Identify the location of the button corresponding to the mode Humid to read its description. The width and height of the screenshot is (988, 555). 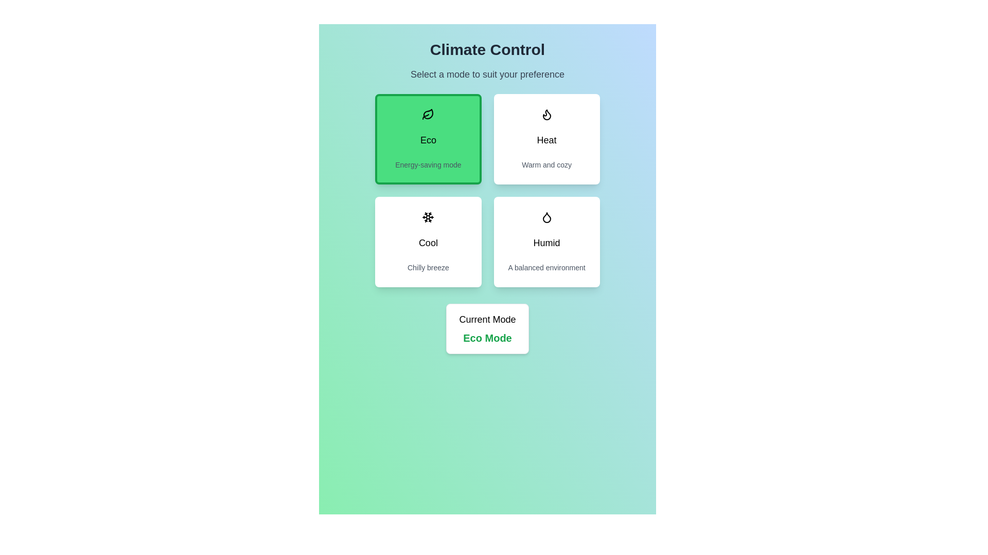
(546, 242).